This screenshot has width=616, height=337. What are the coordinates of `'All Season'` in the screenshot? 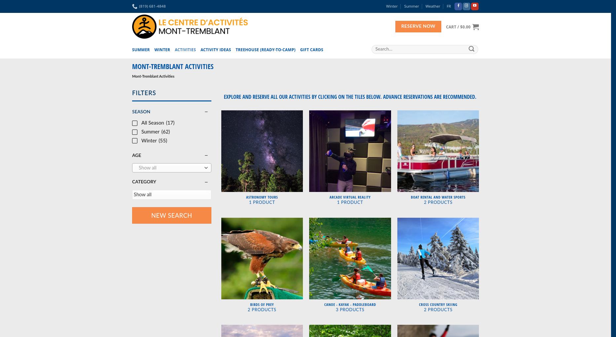 It's located at (152, 123).